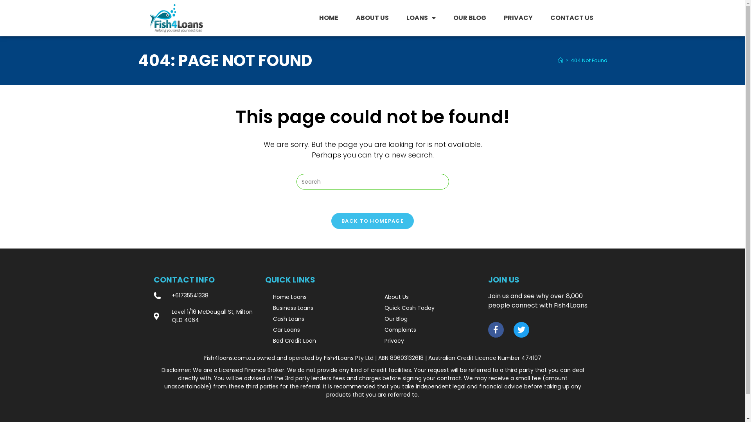  What do you see at coordinates (329, 18) in the screenshot?
I see `'HOME'` at bounding box center [329, 18].